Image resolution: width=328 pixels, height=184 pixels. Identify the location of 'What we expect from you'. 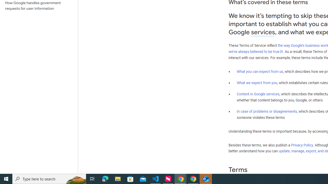
(257, 83).